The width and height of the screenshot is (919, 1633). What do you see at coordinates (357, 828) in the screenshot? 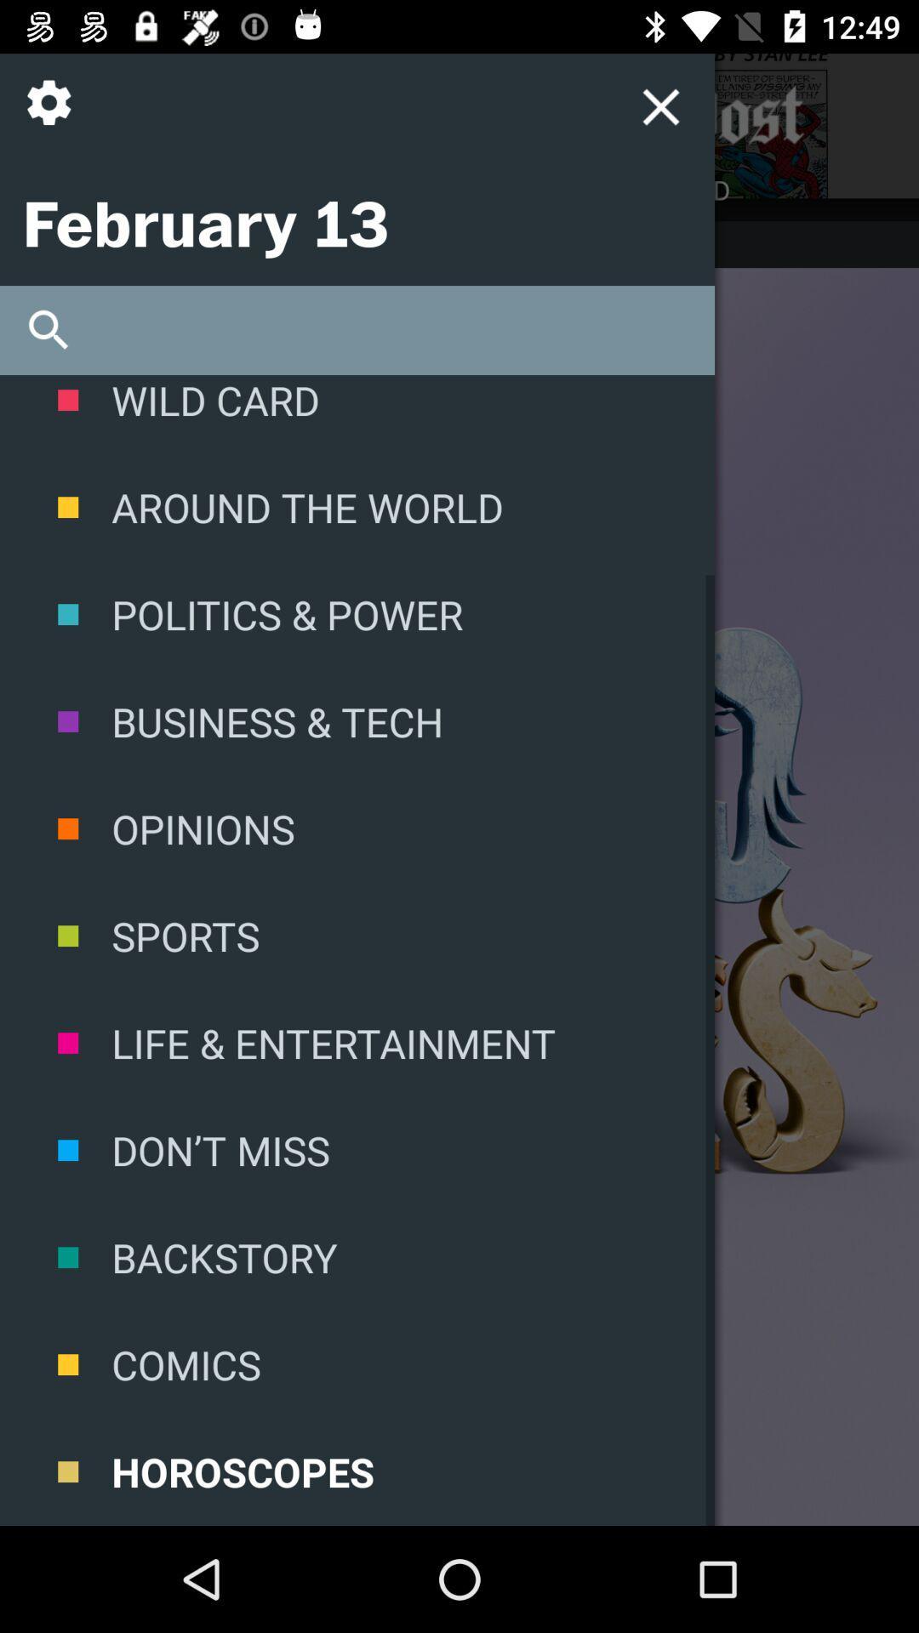
I see `the app above sports` at bounding box center [357, 828].